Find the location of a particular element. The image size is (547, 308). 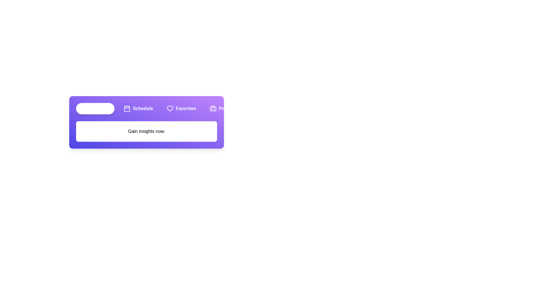

the Favorites tab is located at coordinates (181, 109).